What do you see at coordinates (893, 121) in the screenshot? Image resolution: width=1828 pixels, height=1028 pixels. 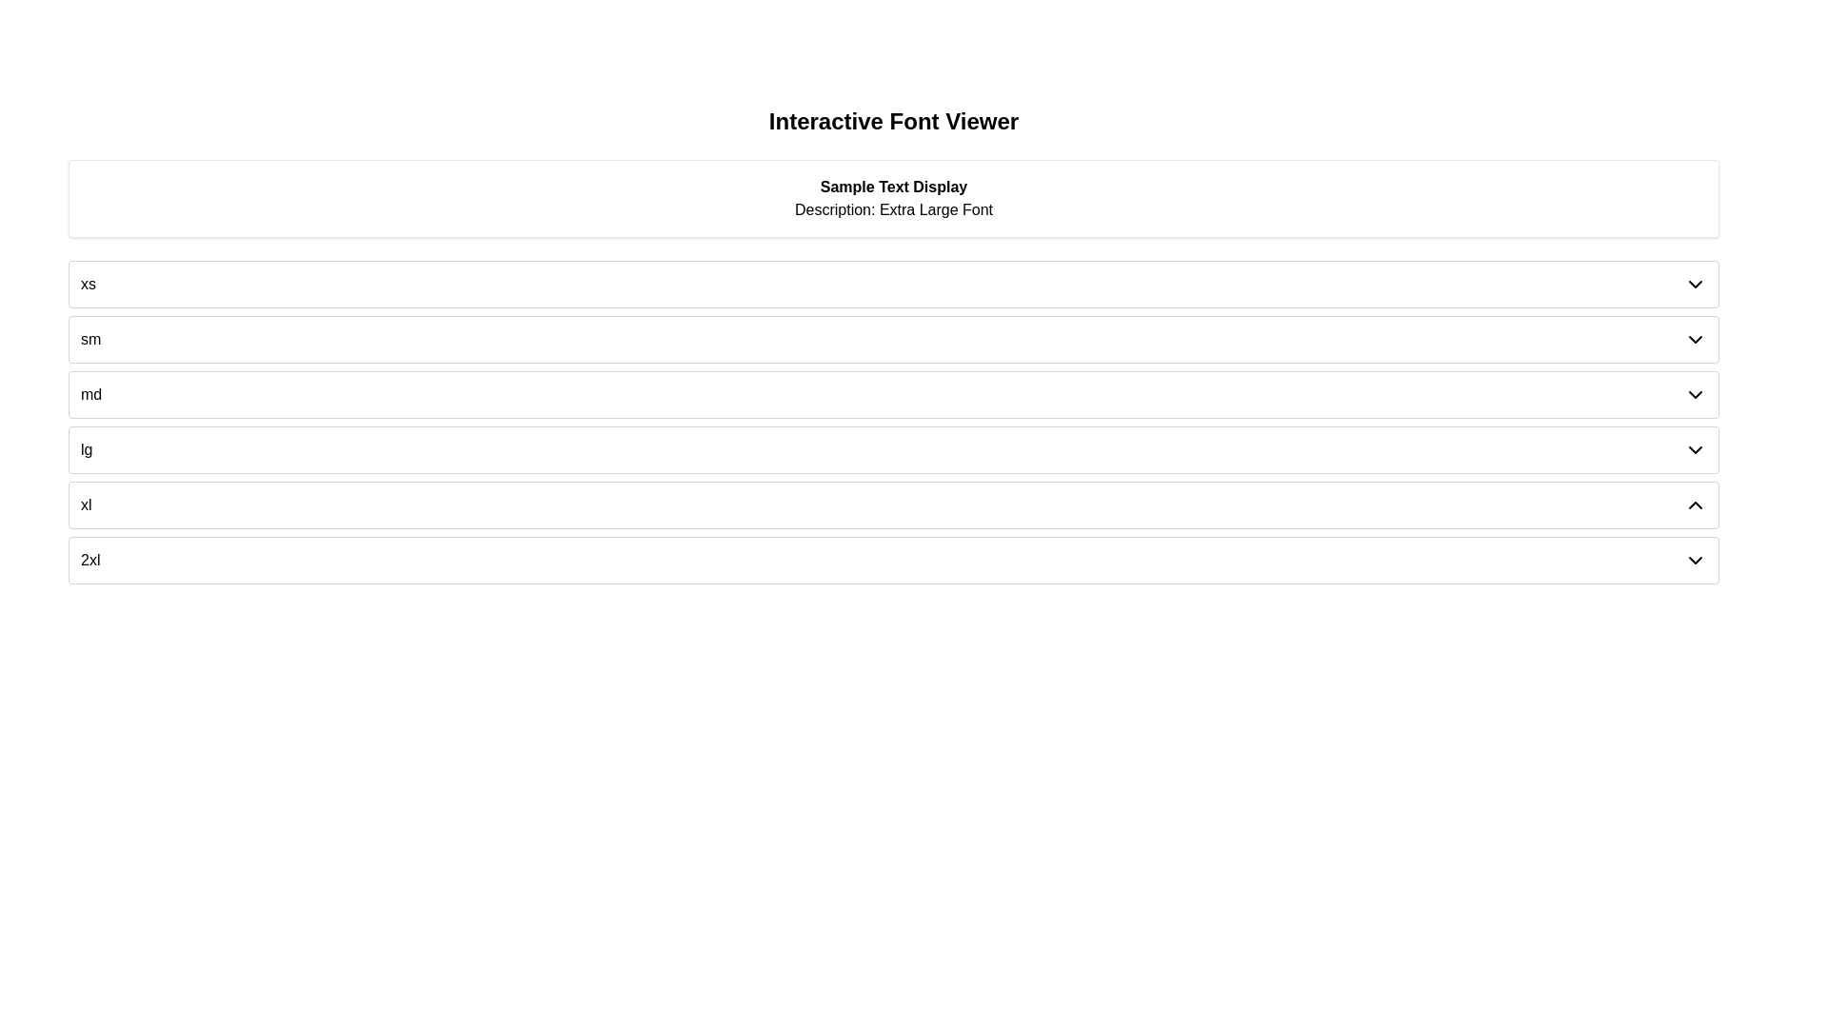 I see `the prominent title text label 'Interactive Font Viewer' located at the top-center of the interface` at bounding box center [893, 121].